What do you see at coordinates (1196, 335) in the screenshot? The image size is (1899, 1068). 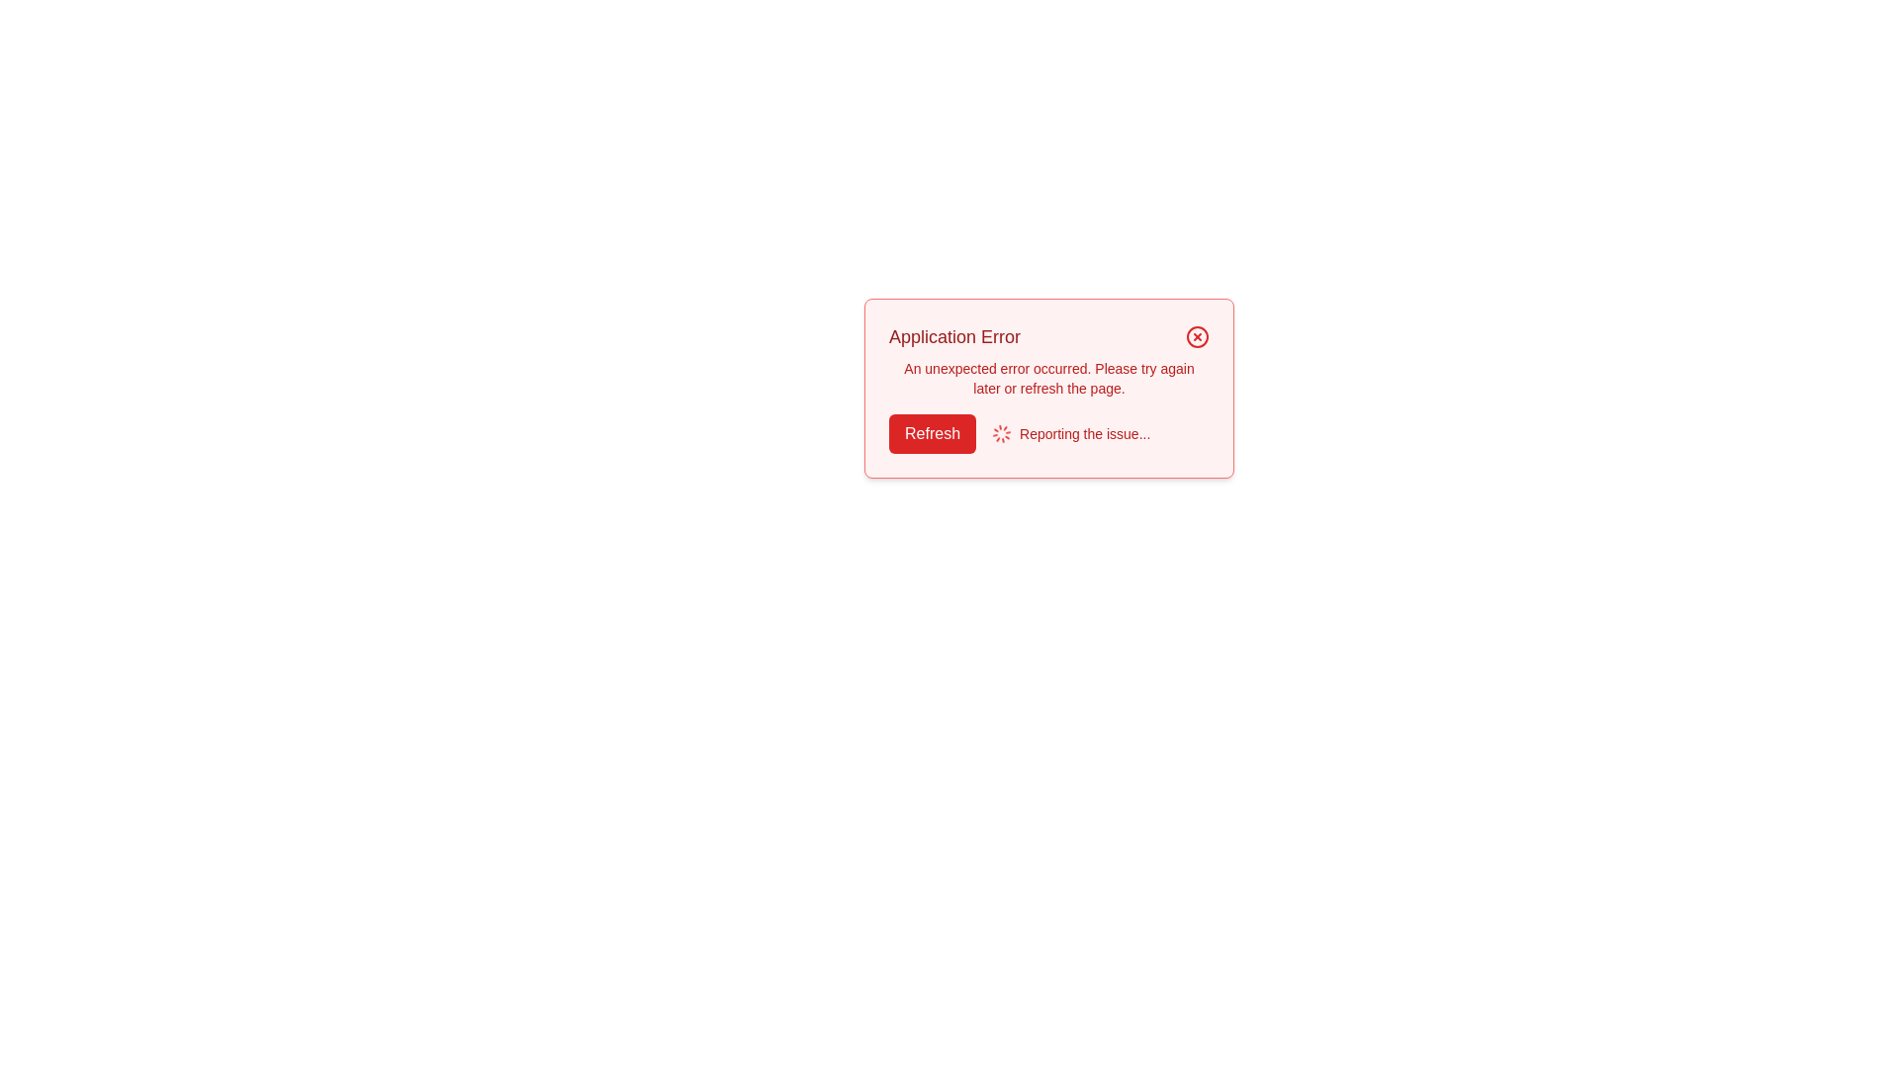 I see `the close button in the top-right corner of the 'Application Error' dialog box` at bounding box center [1196, 335].